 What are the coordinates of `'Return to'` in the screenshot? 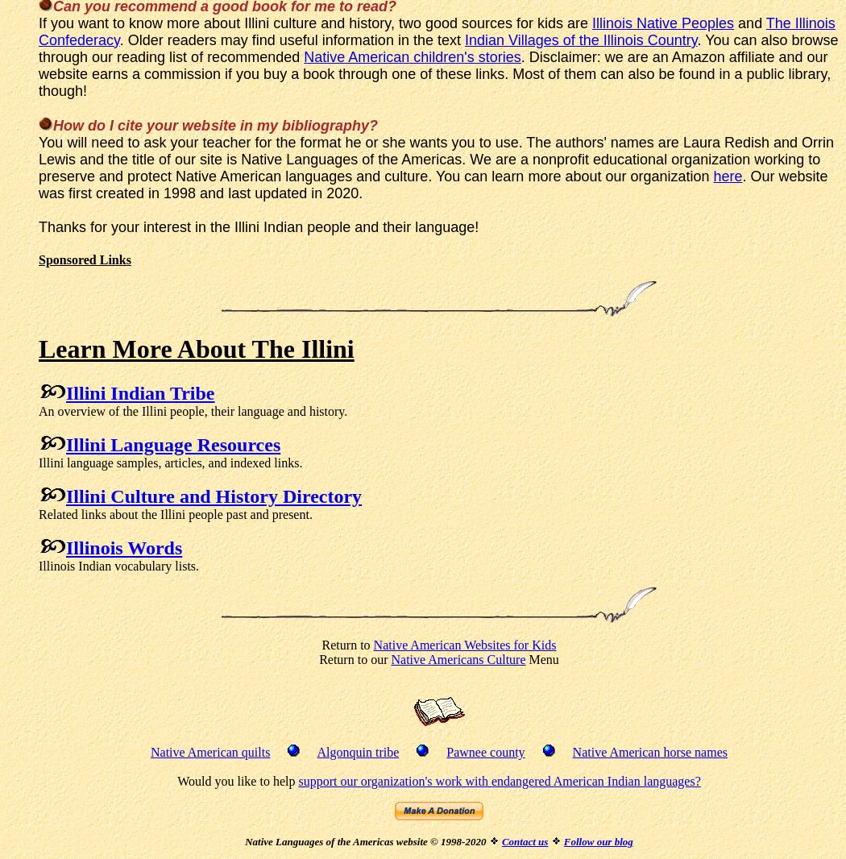 It's located at (346, 643).